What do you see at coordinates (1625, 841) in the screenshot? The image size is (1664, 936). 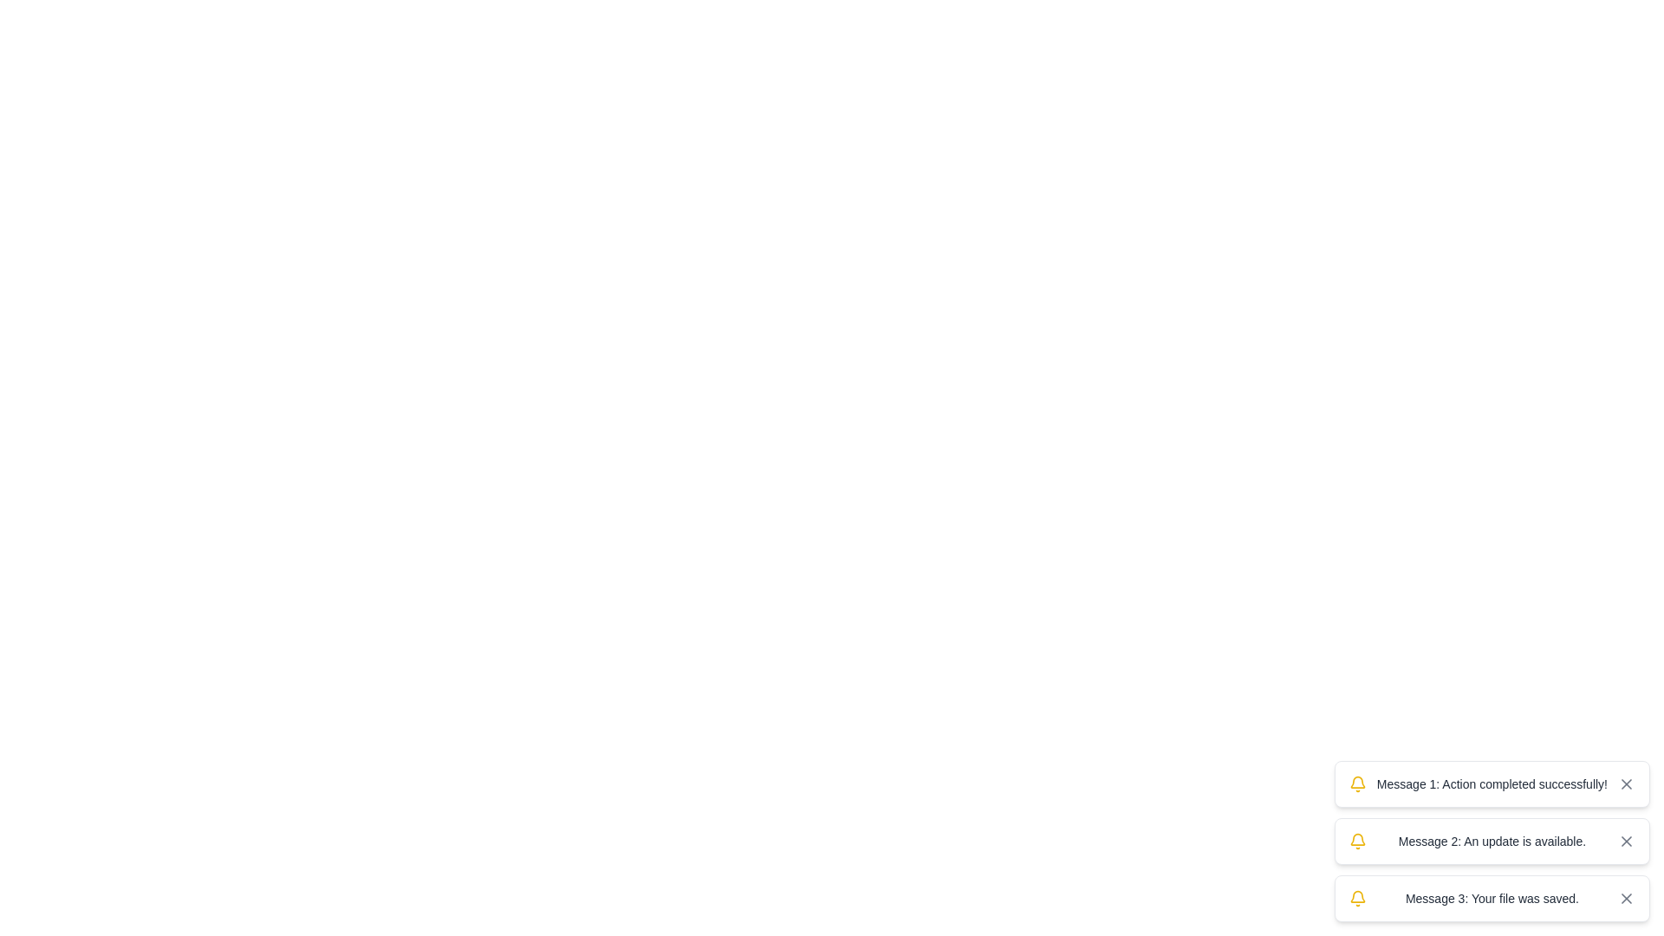 I see `the small cross (×) icon button, which is located on the far right side of the message box labeled 'Message 2: An update is available.'` at bounding box center [1625, 841].